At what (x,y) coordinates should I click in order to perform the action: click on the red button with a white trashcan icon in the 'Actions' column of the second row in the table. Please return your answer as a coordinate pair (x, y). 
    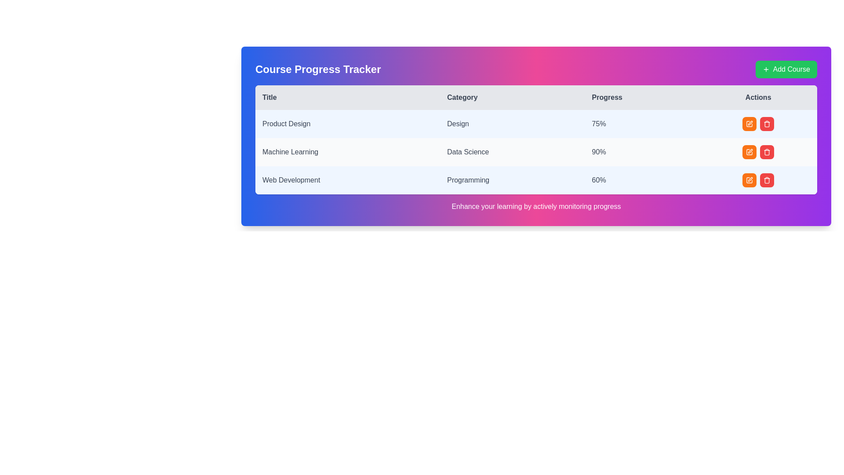
    Looking at the image, I should click on (767, 152).